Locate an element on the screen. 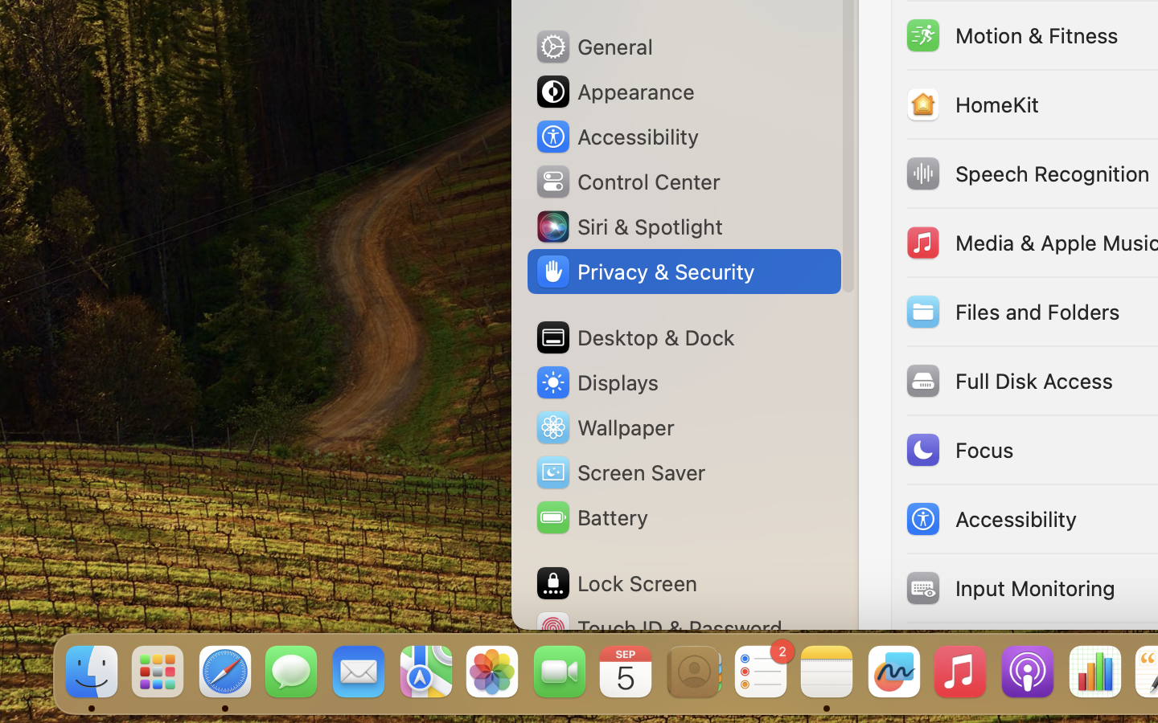 This screenshot has width=1158, height=723. 'Wallpaper' is located at coordinates (602, 426).